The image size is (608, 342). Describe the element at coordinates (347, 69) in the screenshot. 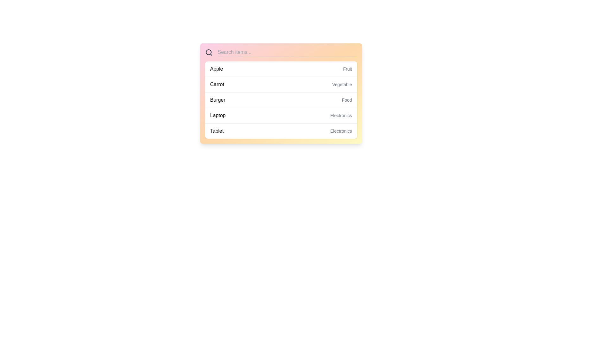

I see `the small text label 'Fruit' which is styled in light gray and positioned adjacent to the larger text 'Apple' near the top-right corner of the list item` at that location.